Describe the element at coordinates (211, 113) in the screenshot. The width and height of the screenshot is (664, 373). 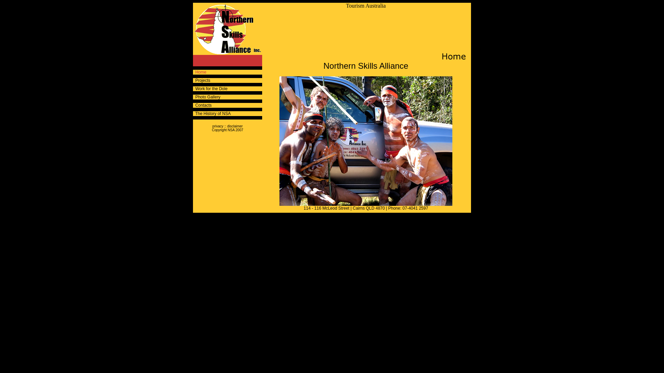
I see `'  The History of NSA'` at that location.